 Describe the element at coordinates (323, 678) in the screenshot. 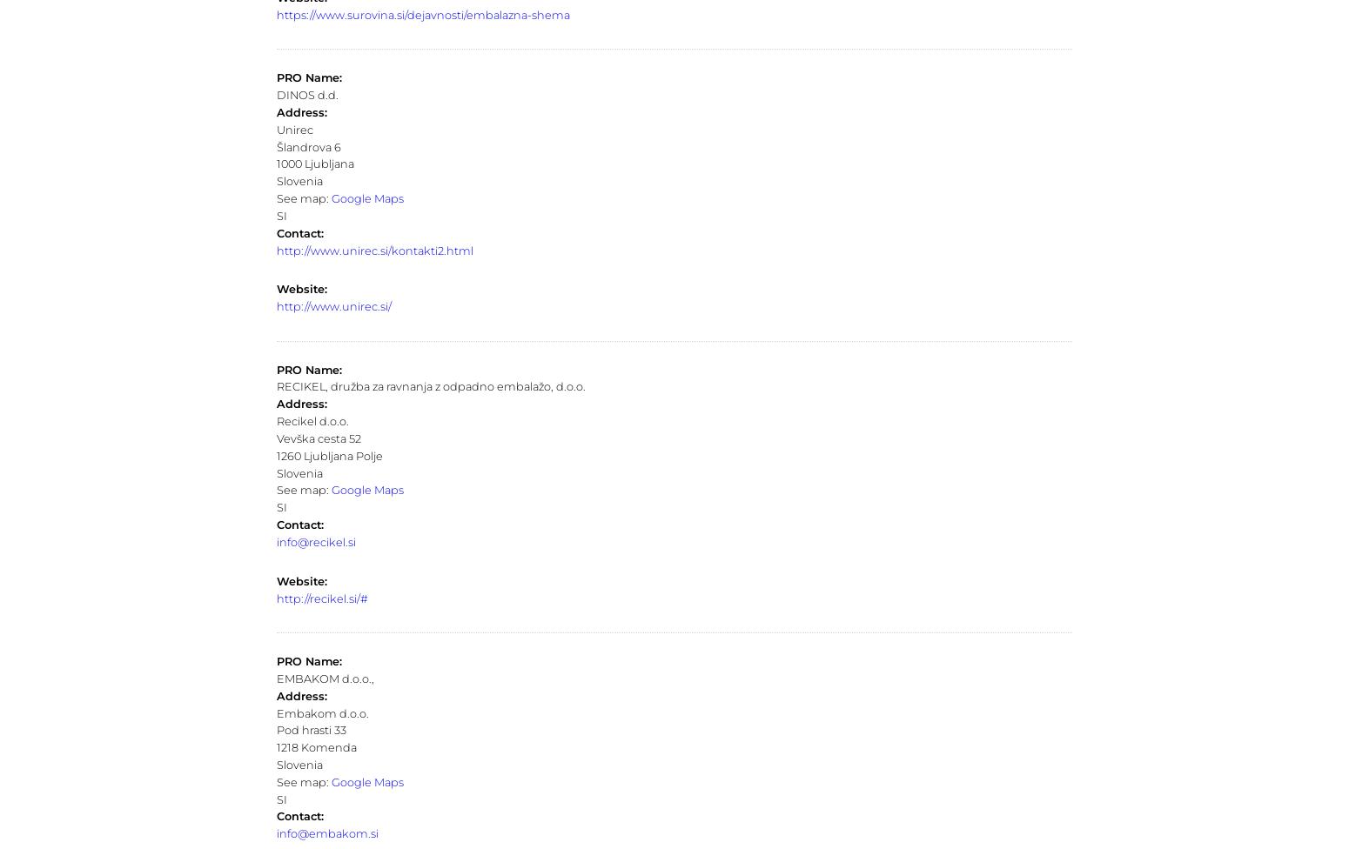

I see `'EMBAKOM d.o.o.,'` at that location.